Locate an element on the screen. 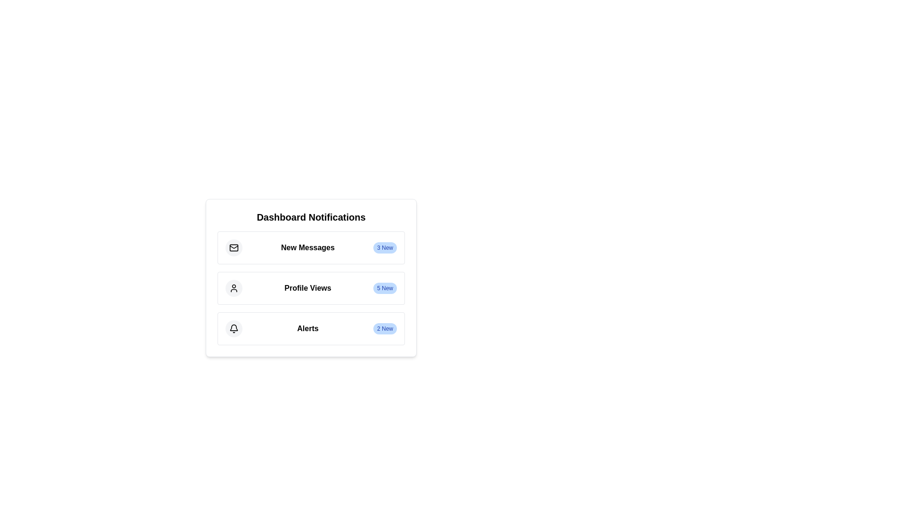  the rectangular SVG shape representing the body of the envelope icon in the 'New Messages' row of the 'Dashboard Notifications' section is located at coordinates (234, 247).